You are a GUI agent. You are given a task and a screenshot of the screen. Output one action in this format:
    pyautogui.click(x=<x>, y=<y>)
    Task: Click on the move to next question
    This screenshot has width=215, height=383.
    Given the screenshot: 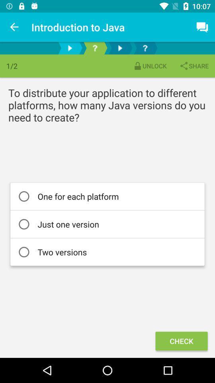 What is the action you would take?
    pyautogui.click(x=70, y=48)
    